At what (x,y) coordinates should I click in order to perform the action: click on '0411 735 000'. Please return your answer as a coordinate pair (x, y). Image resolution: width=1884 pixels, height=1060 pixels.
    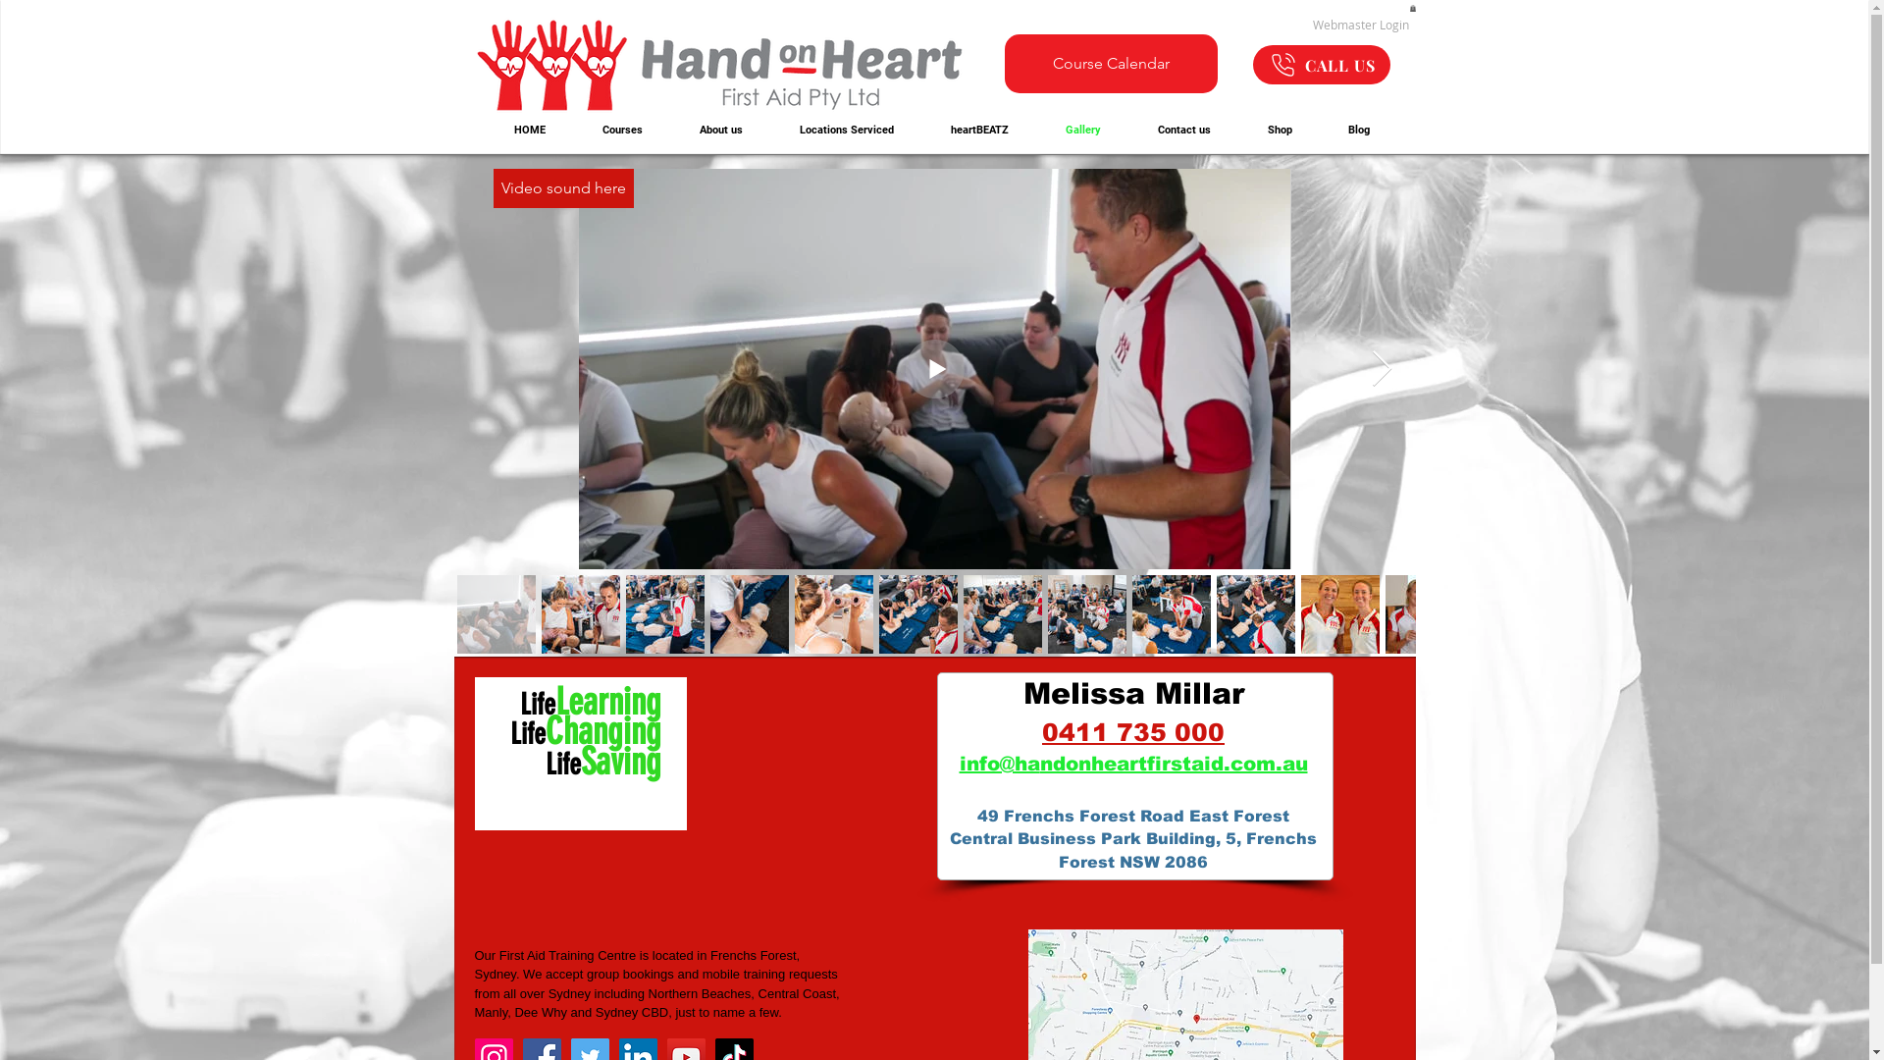
    Looking at the image, I should click on (1040, 731).